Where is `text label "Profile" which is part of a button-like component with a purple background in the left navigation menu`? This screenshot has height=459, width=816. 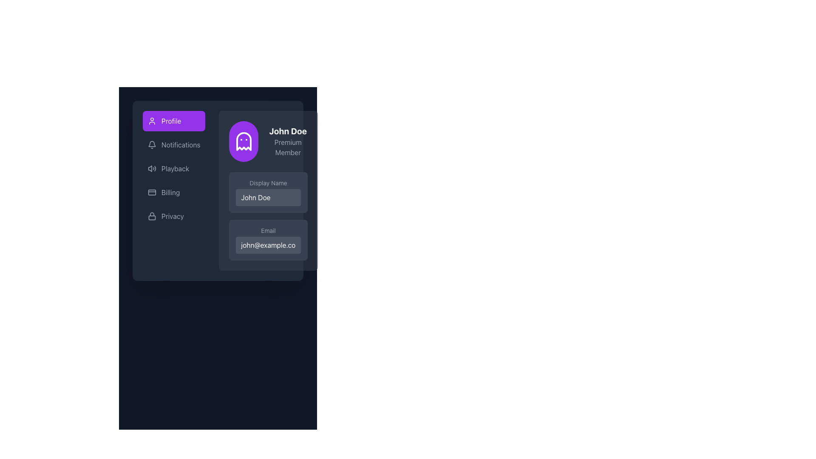
text label "Profile" which is part of a button-like component with a purple background in the left navigation menu is located at coordinates (171, 121).